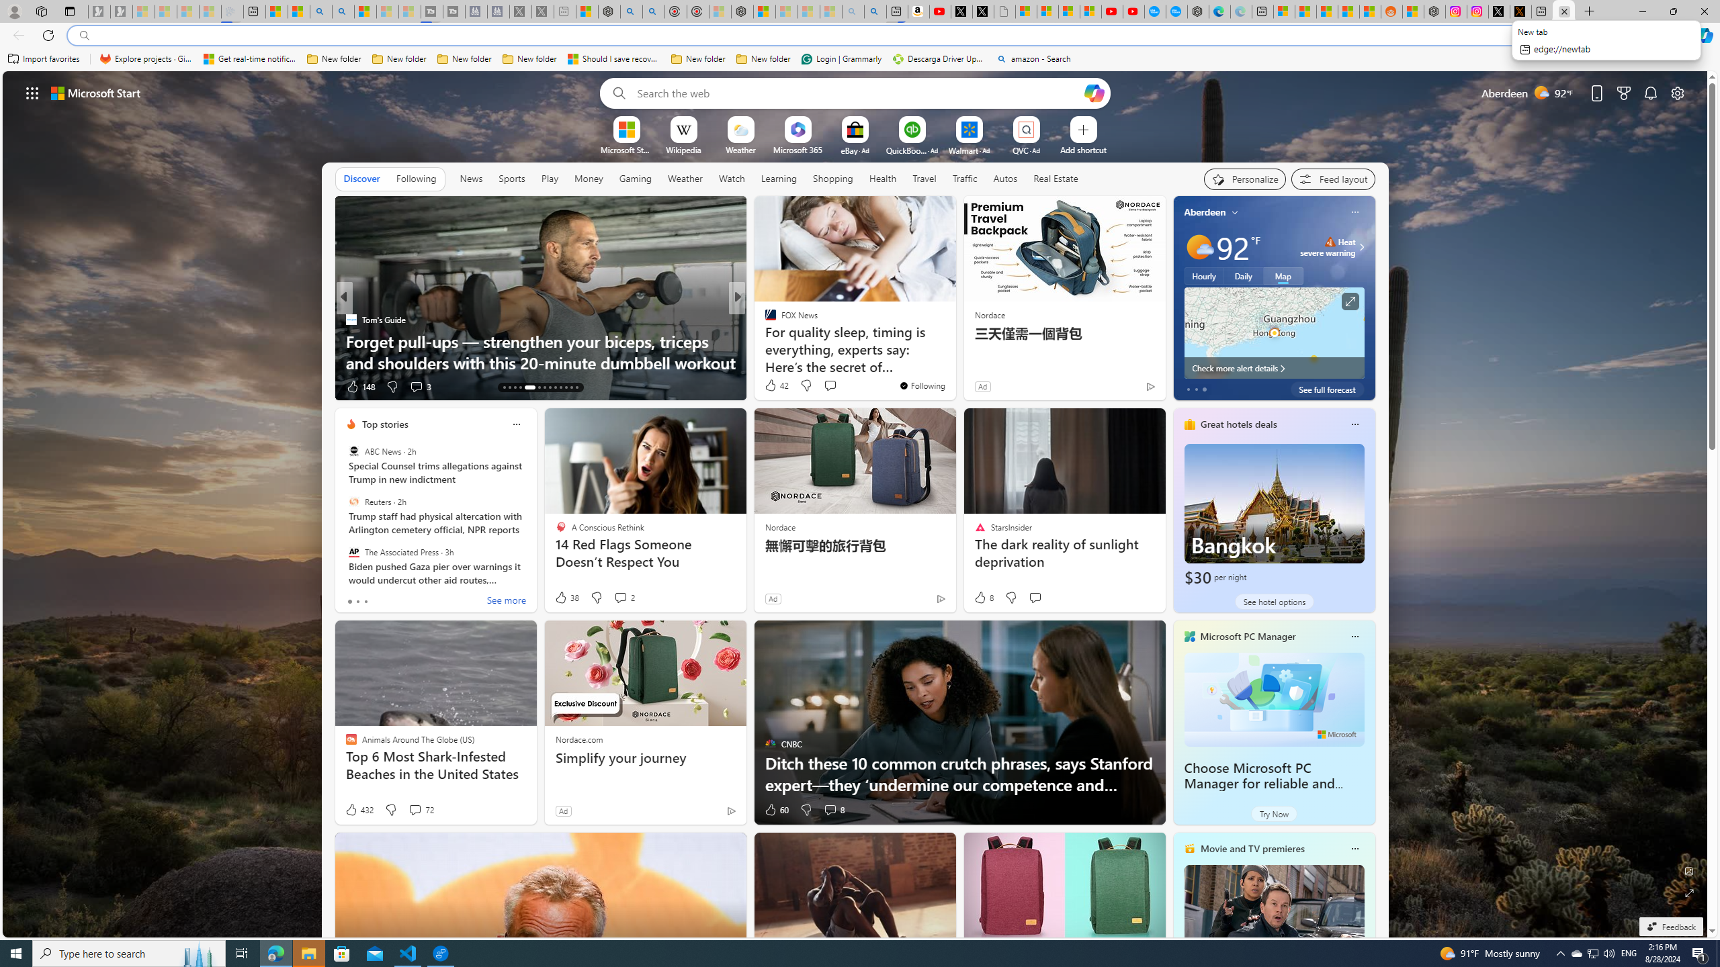 Image resolution: width=1720 pixels, height=967 pixels. I want to click on 'tab-1', so click(357, 601).